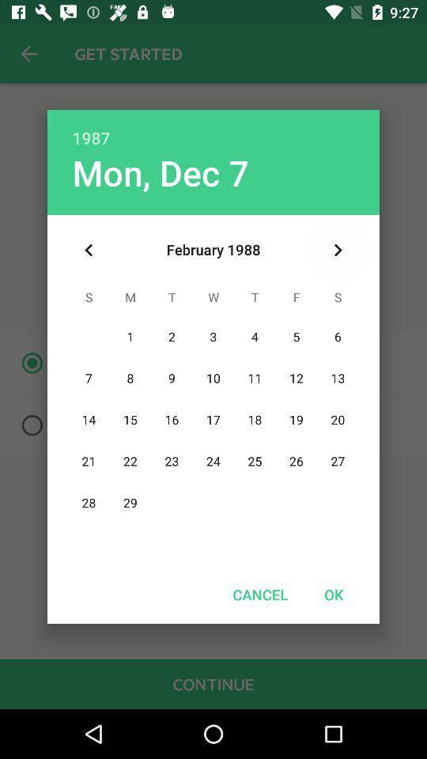 The image size is (427, 759). What do you see at coordinates (260, 594) in the screenshot?
I see `the item next to ok item` at bounding box center [260, 594].